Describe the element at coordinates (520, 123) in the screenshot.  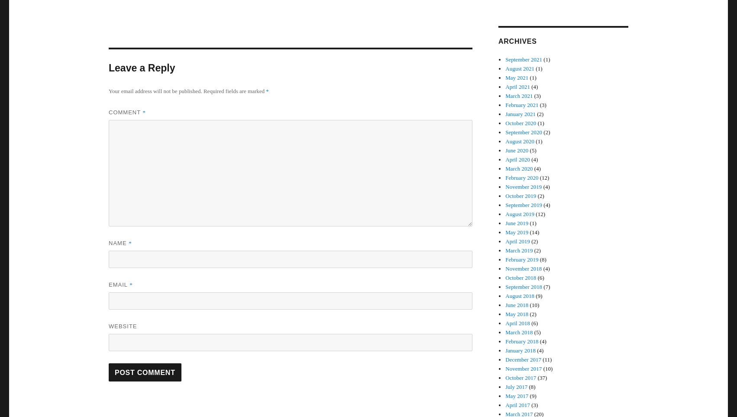
I see `'October 2020'` at that location.